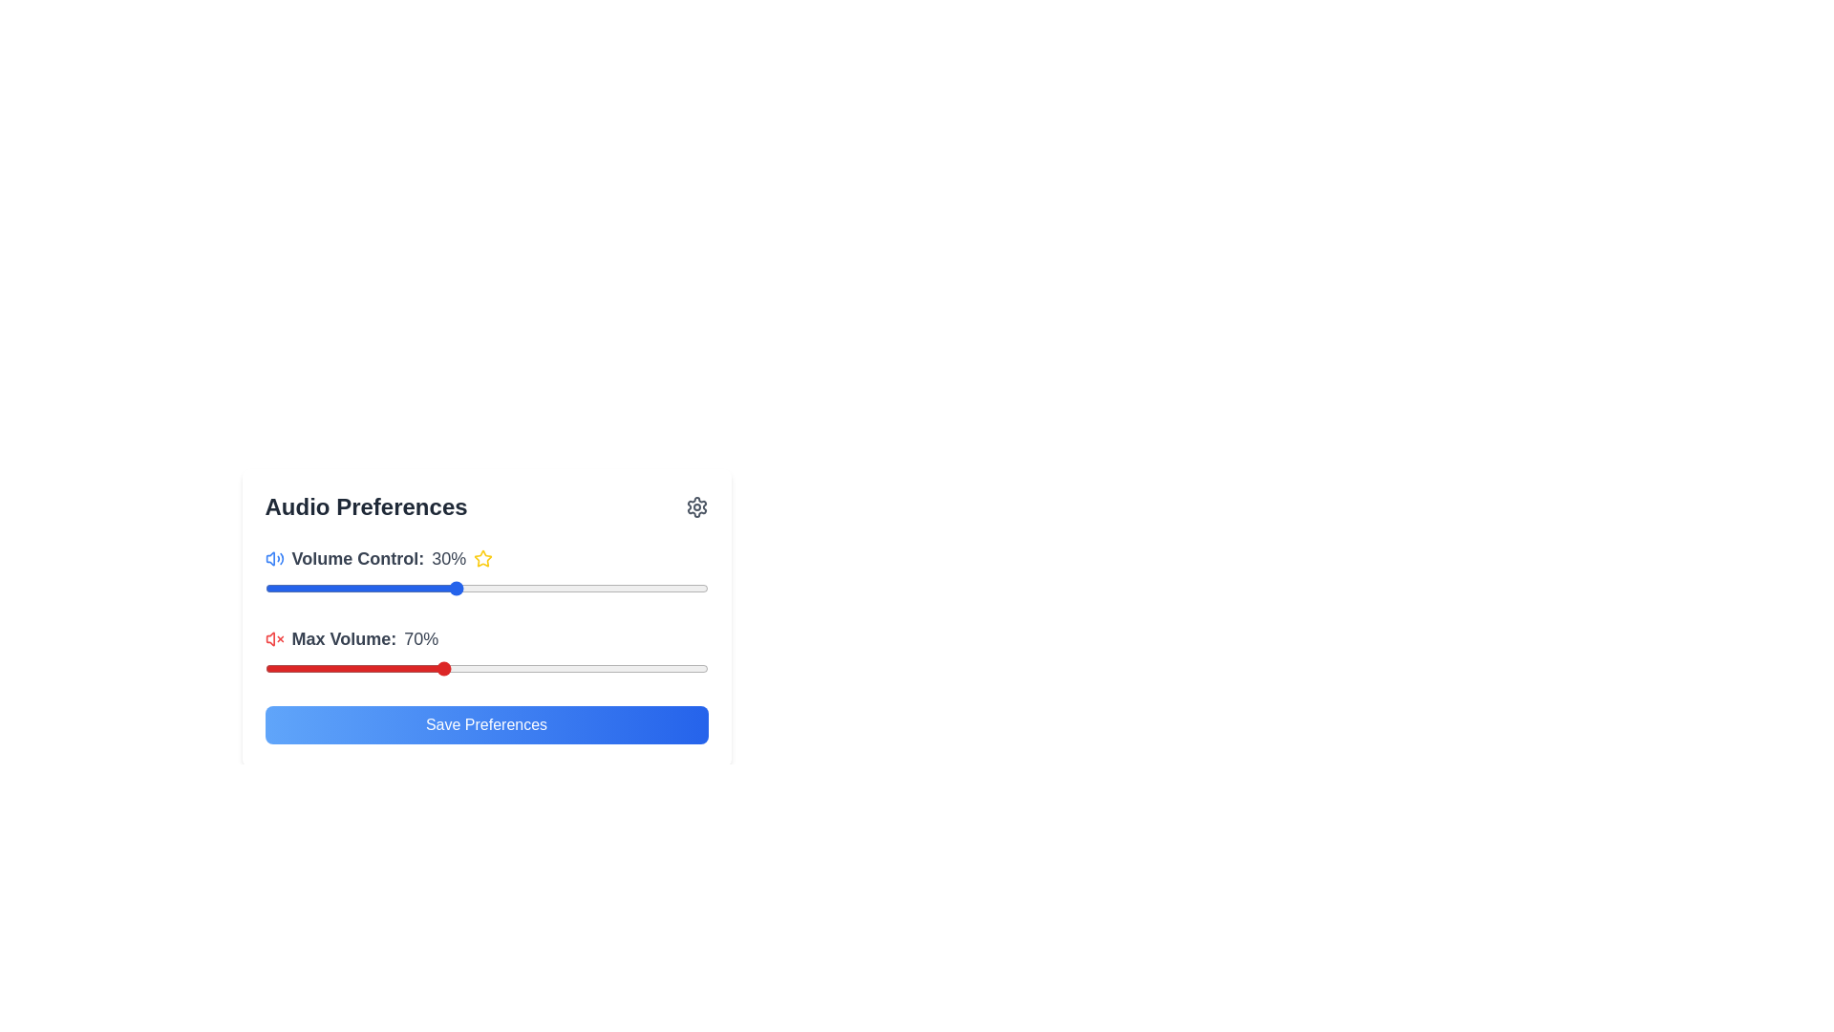  I want to click on the gear icon in the top-right corner of the 'Audio Preferences' card, so click(695, 506).